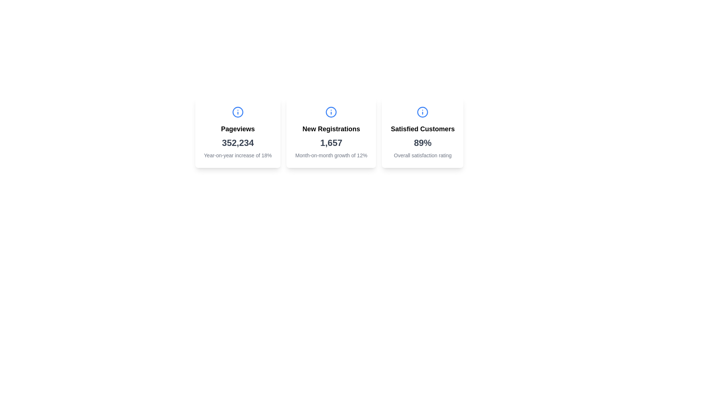 The height and width of the screenshot is (396, 705). I want to click on the text displaying the number '352,234' in a bold, large font, styled in gray, which indicates the significant numerical value related to 'Pageviews', so click(238, 143).